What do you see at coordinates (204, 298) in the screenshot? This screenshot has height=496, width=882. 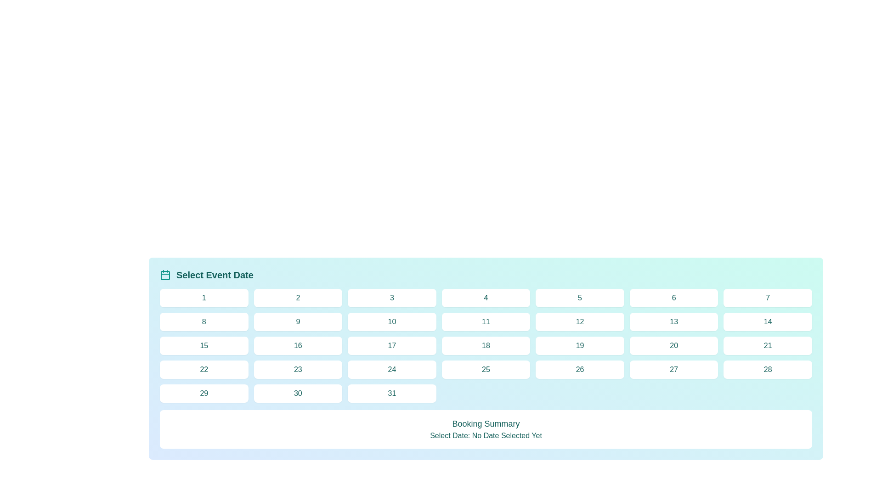 I see `the selectable day button for date '1' in the calendar, located at the top-left corner of the grid beneath 'Select Event Date'` at bounding box center [204, 298].